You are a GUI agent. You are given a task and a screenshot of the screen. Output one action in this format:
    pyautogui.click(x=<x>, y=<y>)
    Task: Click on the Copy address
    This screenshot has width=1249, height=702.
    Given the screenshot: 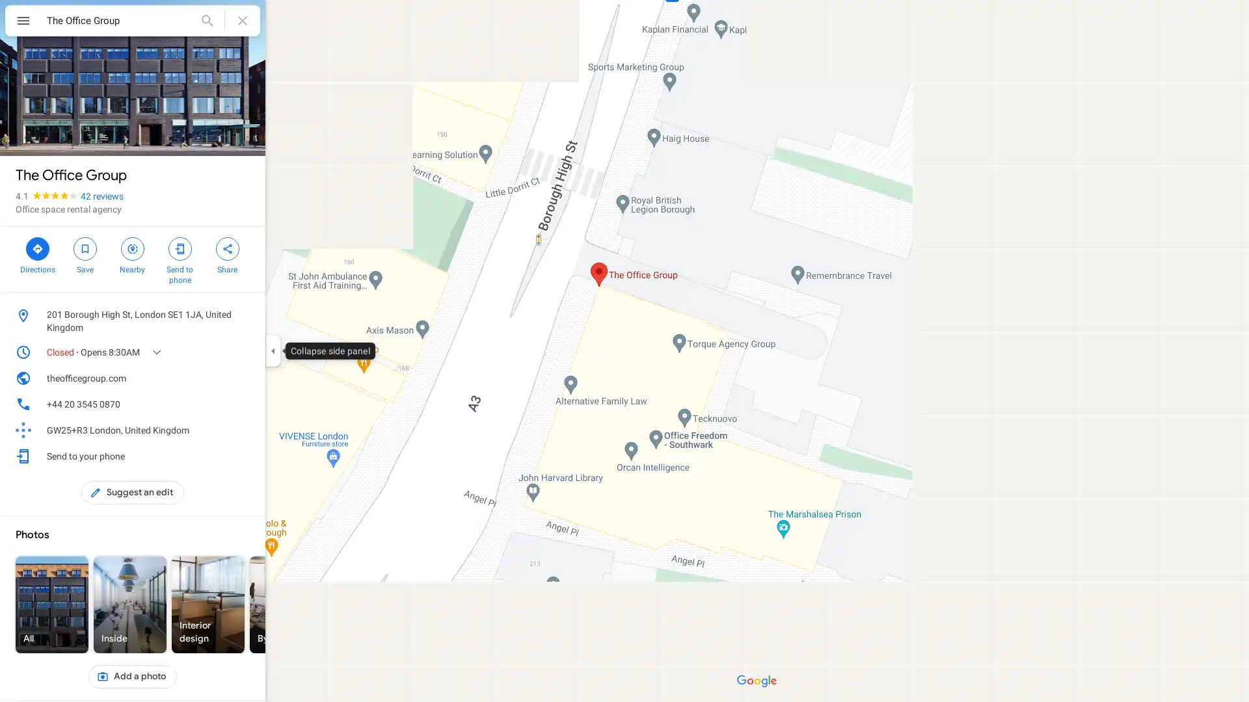 What is the action you would take?
    pyautogui.click(x=243, y=316)
    